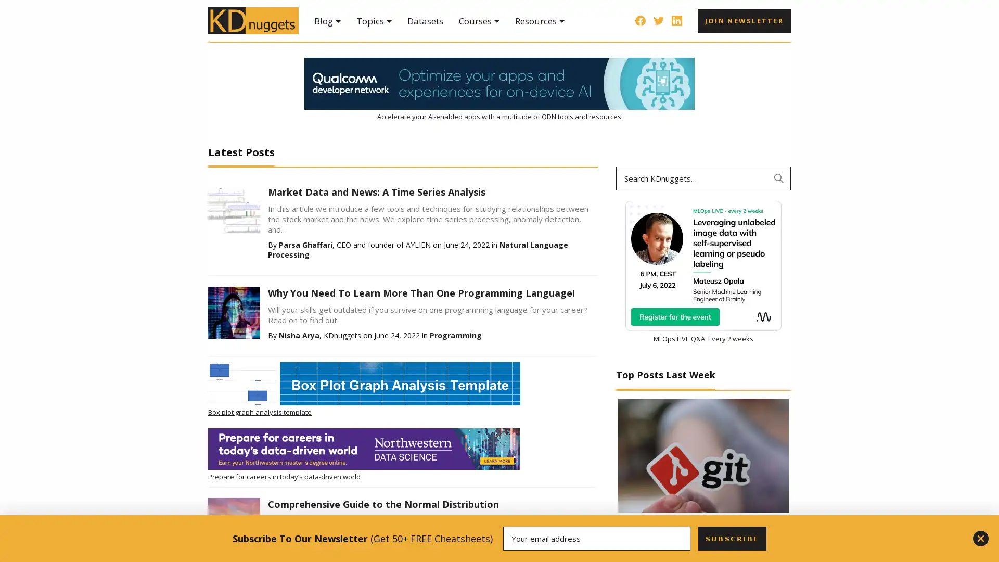 The height and width of the screenshot is (562, 999). I want to click on Search, so click(779, 178).